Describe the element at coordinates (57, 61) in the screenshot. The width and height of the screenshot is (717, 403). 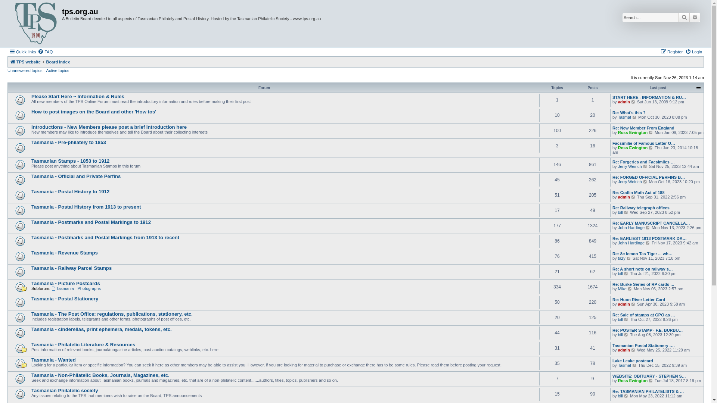
I see `'Board index'` at that location.